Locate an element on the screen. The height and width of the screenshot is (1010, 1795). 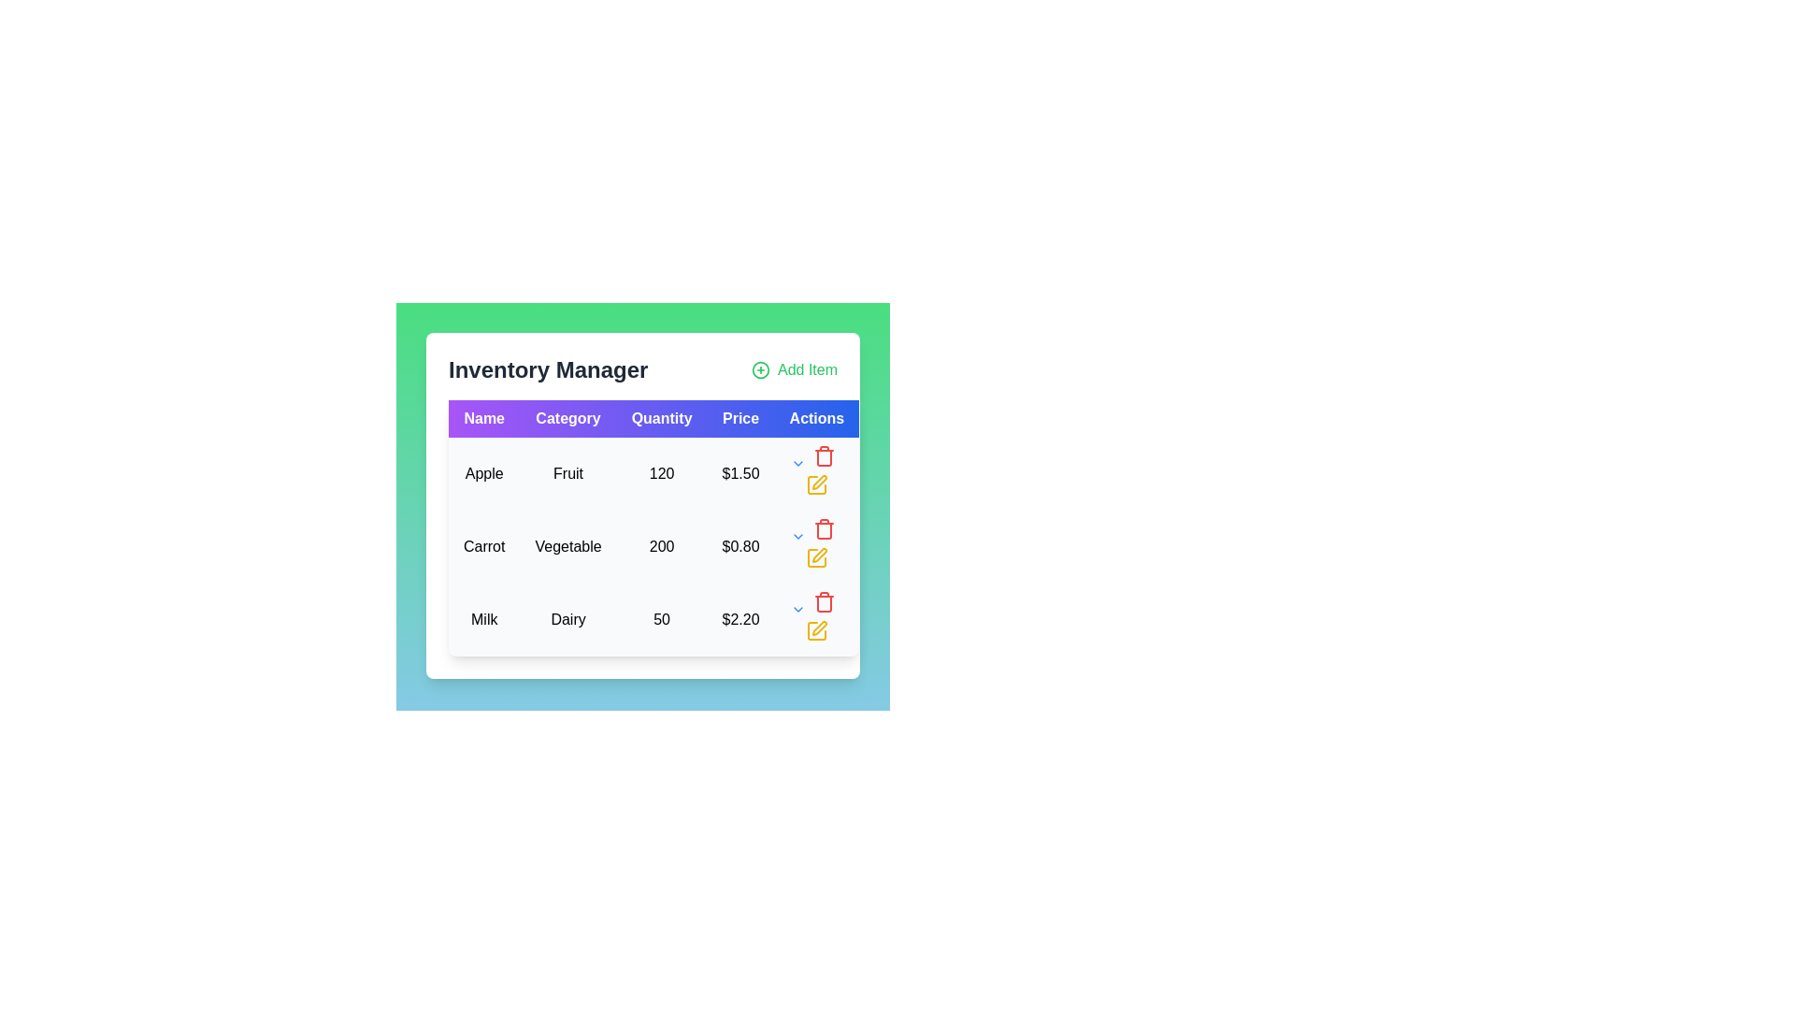
the icon located at the top-right corner of the 'Add Item' button, which signifies the addition operation to the user is located at coordinates (760, 370).